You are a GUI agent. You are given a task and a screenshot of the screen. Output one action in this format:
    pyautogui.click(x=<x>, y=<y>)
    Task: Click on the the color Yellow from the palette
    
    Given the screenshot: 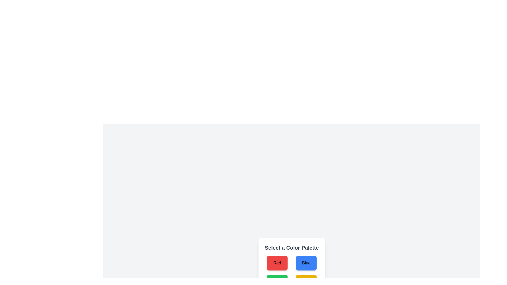 What is the action you would take?
    pyautogui.click(x=306, y=282)
    